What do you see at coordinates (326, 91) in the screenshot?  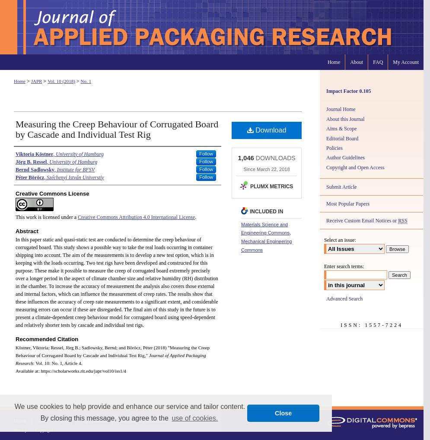 I see `'Impact Factor 0.105'` at bounding box center [326, 91].